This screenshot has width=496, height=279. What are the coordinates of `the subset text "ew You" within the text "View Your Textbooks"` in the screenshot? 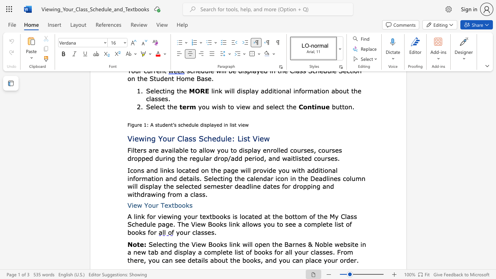 It's located at (133, 205).